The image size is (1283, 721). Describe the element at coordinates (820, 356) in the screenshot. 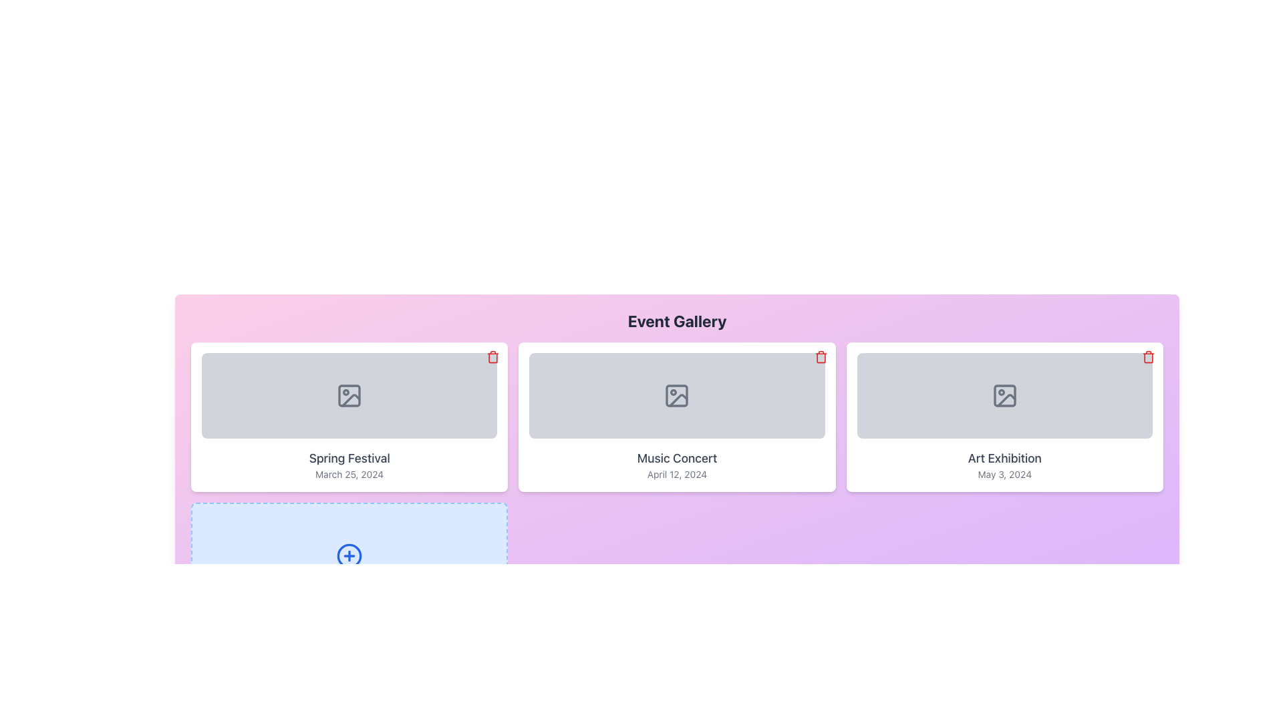

I see `the delete button located in the top-right corner of the 'Music Concert' event card` at that location.